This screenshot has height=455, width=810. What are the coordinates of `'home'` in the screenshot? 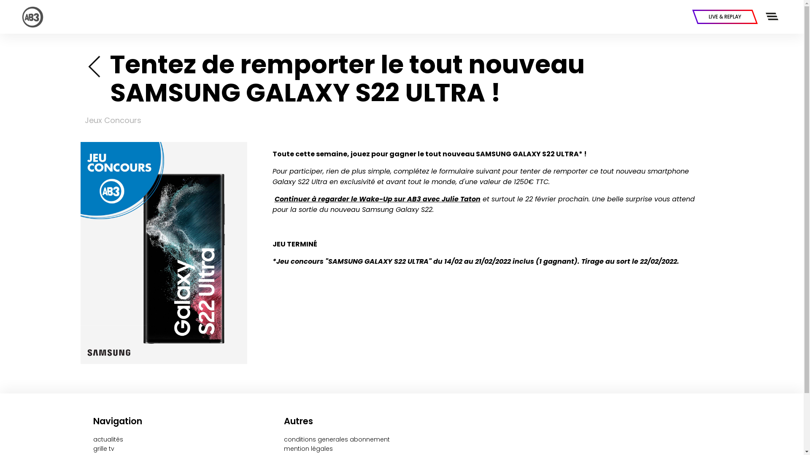 It's located at (95, 65).